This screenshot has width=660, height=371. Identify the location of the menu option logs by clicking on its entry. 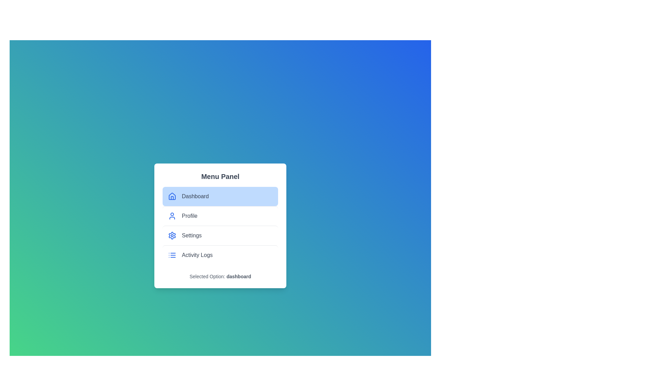
(220, 255).